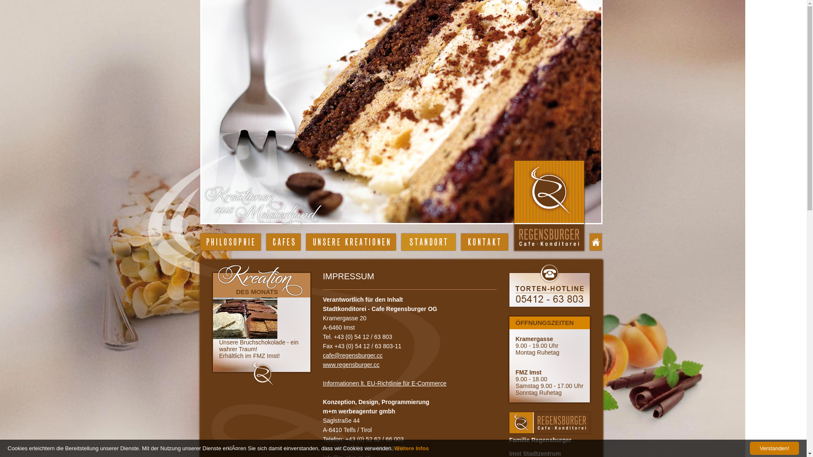 The width and height of the screenshot is (813, 457). I want to click on 'PHILOSOPHIE', so click(230, 242).